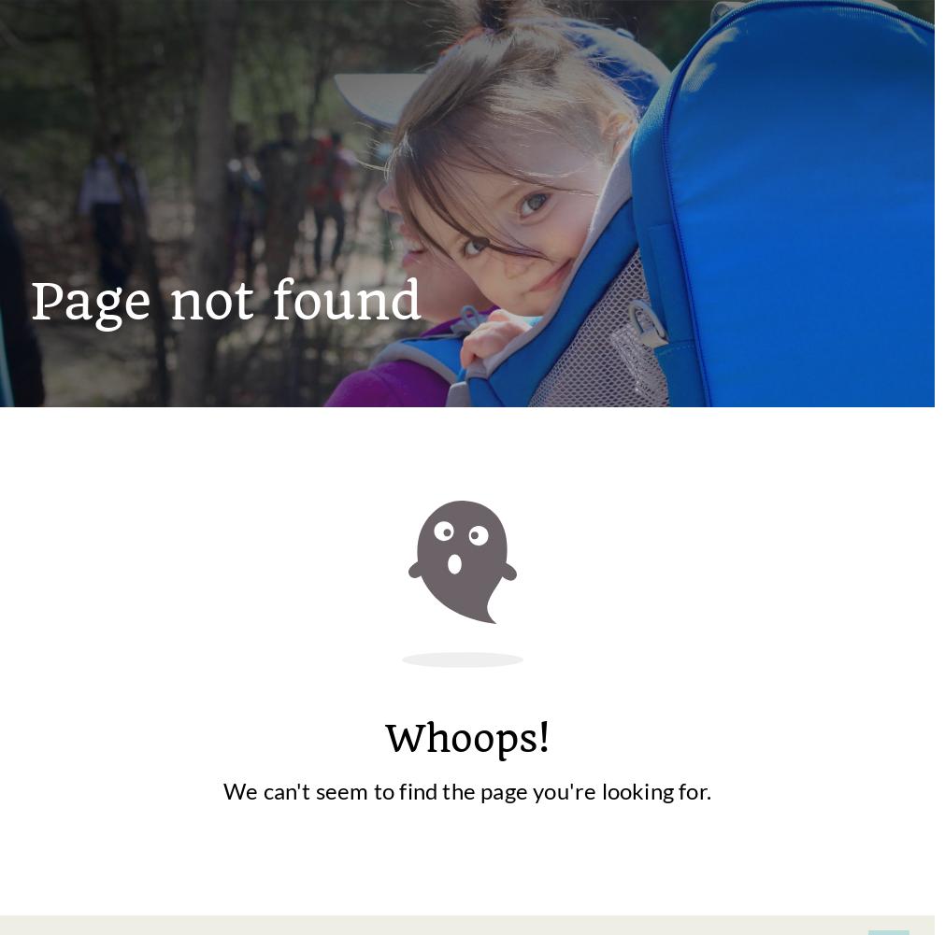 The height and width of the screenshot is (935, 945). What do you see at coordinates (426, 827) in the screenshot?
I see `'Take Action'` at bounding box center [426, 827].